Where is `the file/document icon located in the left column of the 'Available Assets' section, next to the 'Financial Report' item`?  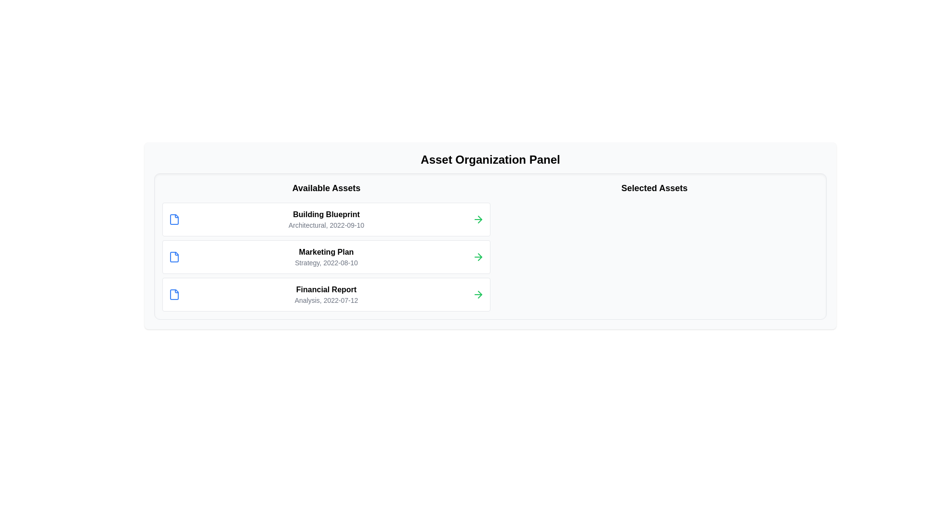
the file/document icon located in the left column of the 'Available Assets' section, next to the 'Financial Report' item is located at coordinates (174, 294).